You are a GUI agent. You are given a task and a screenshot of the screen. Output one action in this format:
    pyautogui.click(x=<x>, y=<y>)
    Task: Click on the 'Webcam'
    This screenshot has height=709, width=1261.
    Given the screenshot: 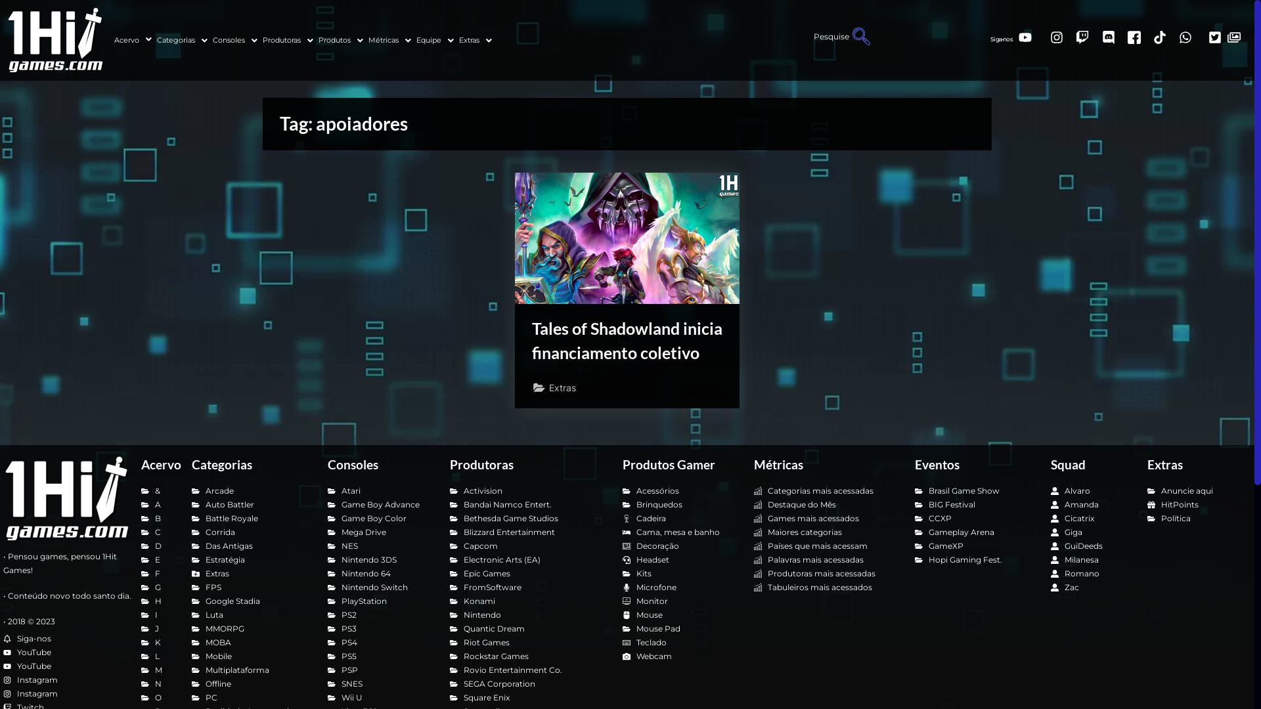 What is the action you would take?
    pyautogui.click(x=682, y=656)
    